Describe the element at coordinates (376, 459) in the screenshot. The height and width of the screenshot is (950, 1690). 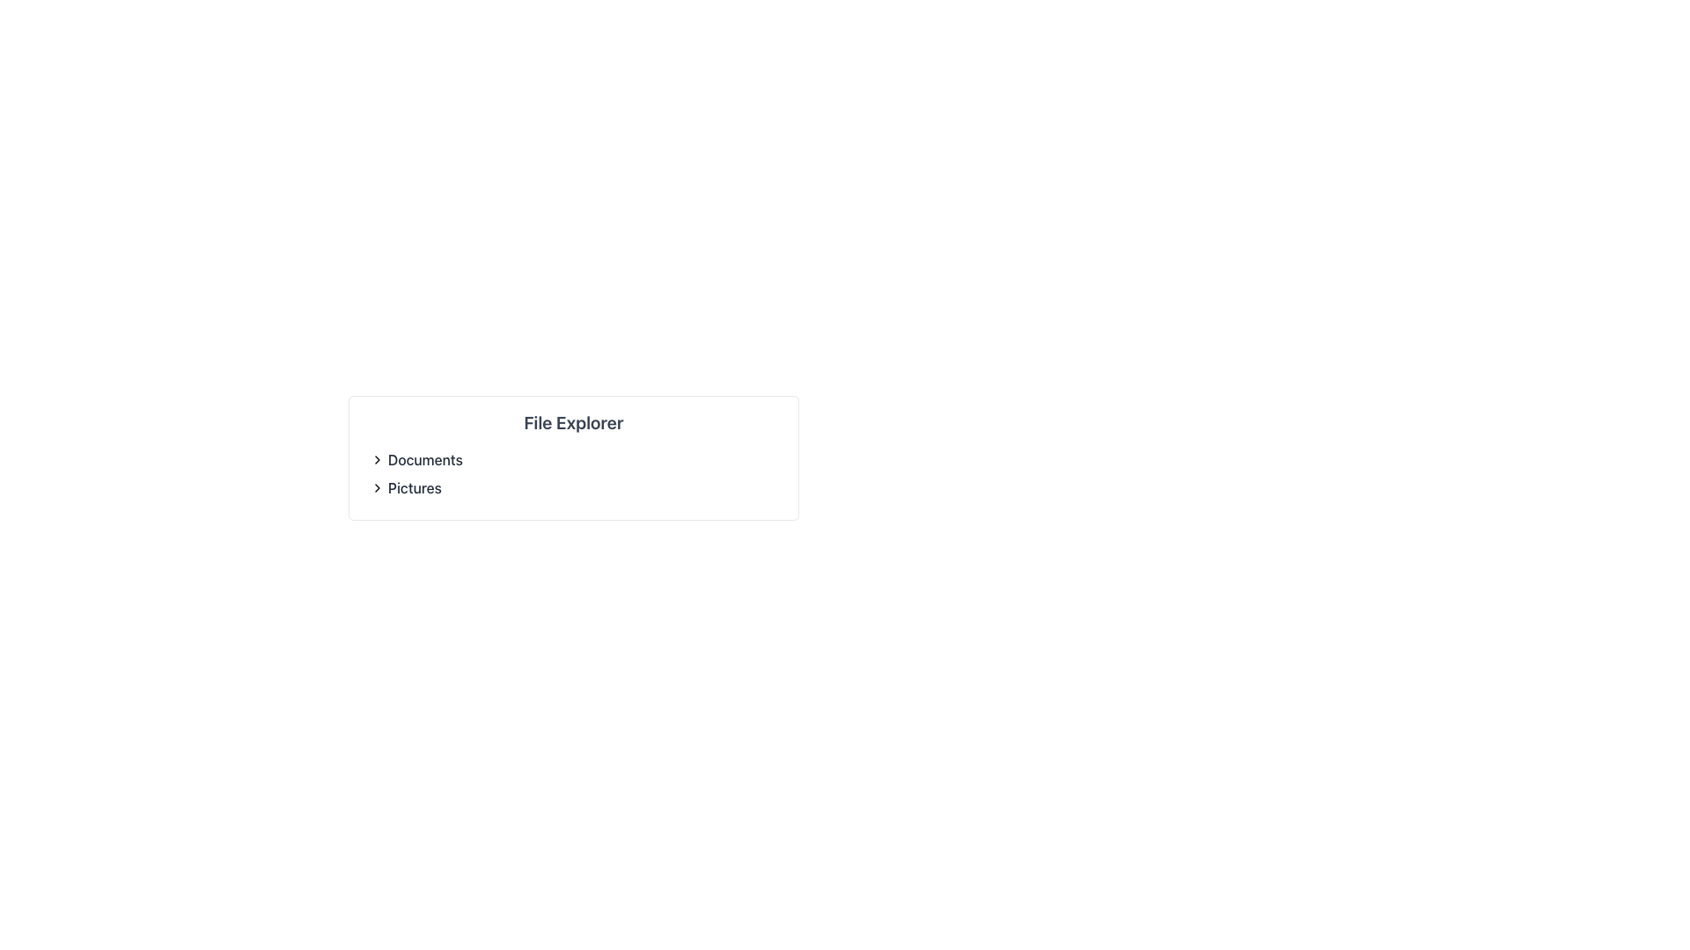
I see `the small chevron icon resembling the '>' symbol that is located to the immediate left of the text 'Documents'` at that location.